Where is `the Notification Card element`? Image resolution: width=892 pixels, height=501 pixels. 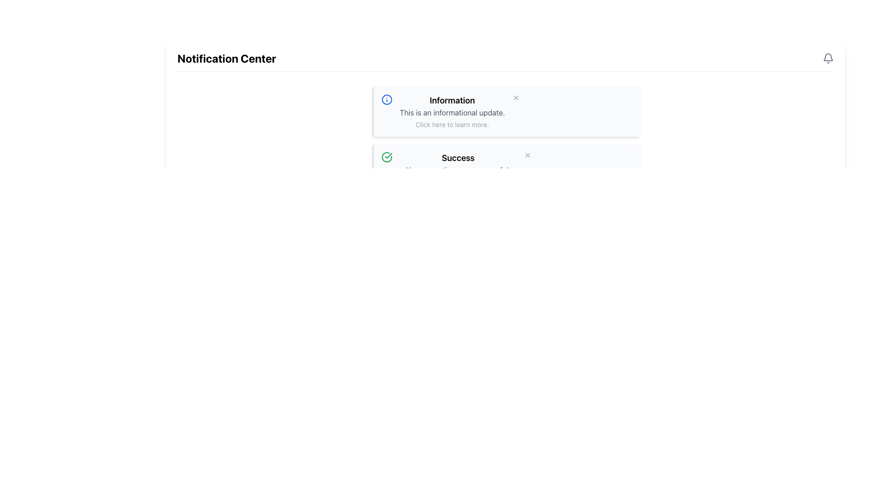 the Notification Card element is located at coordinates (505, 111).